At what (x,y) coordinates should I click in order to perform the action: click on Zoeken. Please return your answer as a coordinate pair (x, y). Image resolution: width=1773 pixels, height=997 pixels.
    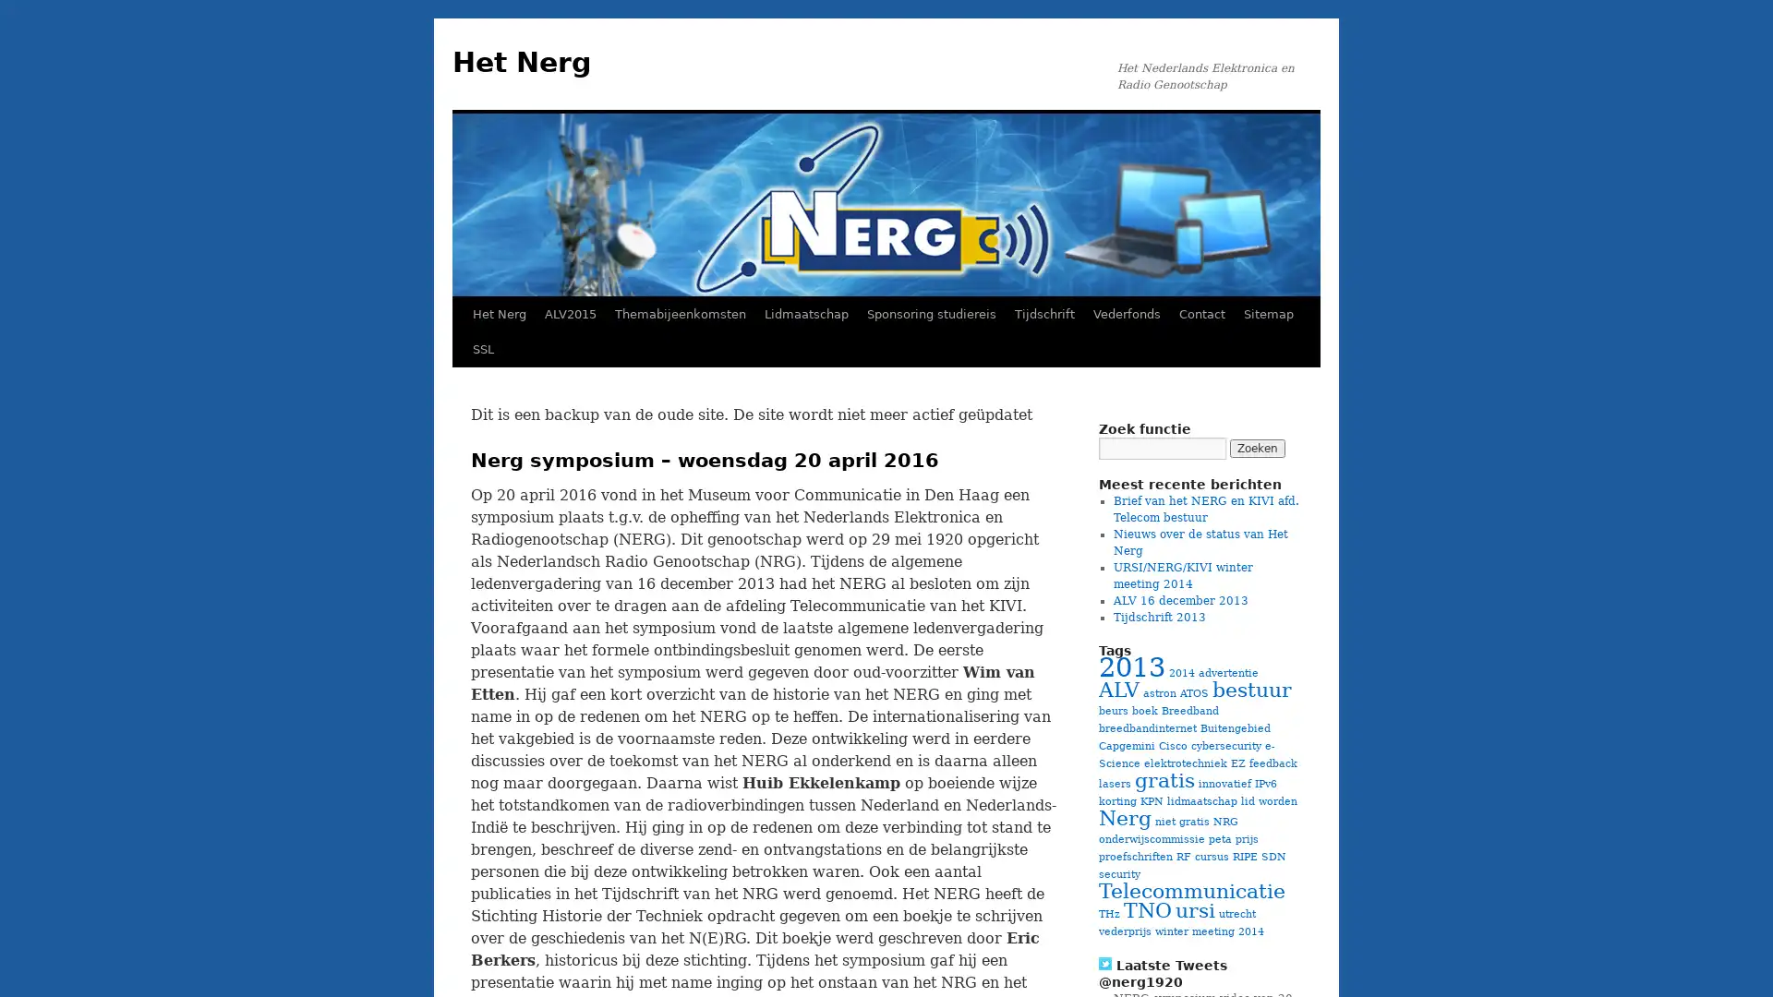
    Looking at the image, I should click on (1257, 449).